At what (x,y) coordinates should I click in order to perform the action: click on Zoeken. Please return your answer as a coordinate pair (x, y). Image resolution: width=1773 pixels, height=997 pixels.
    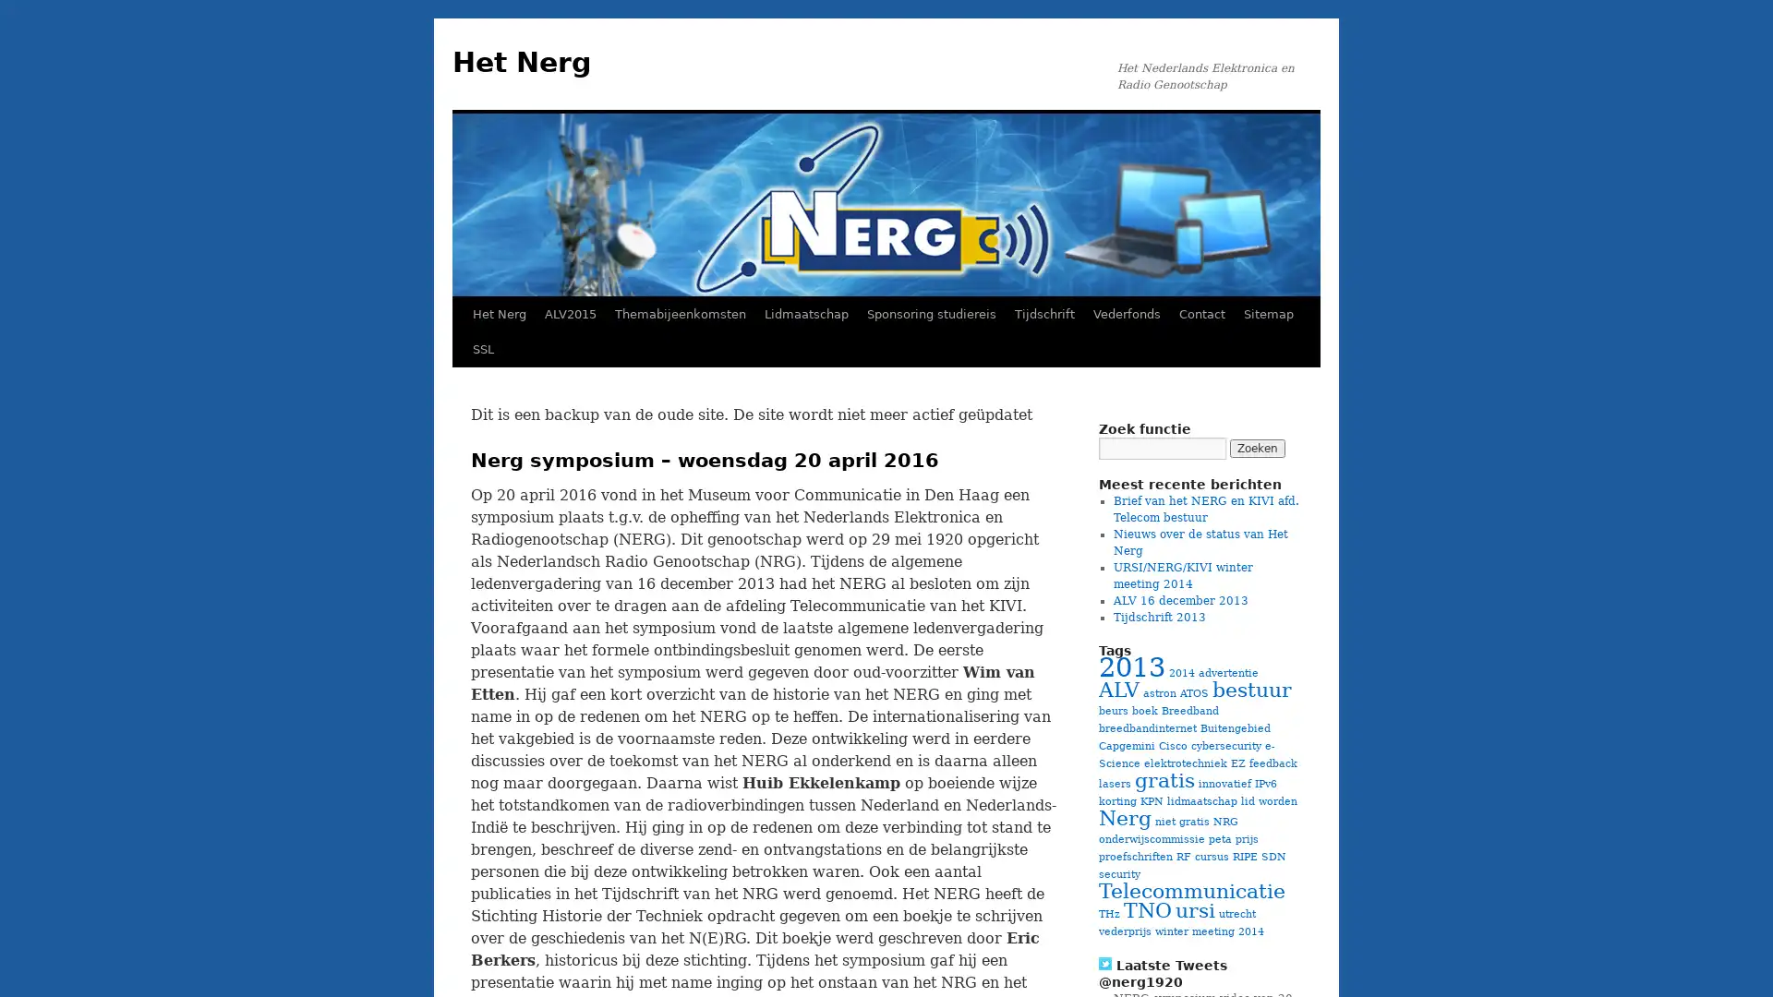
    Looking at the image, I should click on (1257, 449).